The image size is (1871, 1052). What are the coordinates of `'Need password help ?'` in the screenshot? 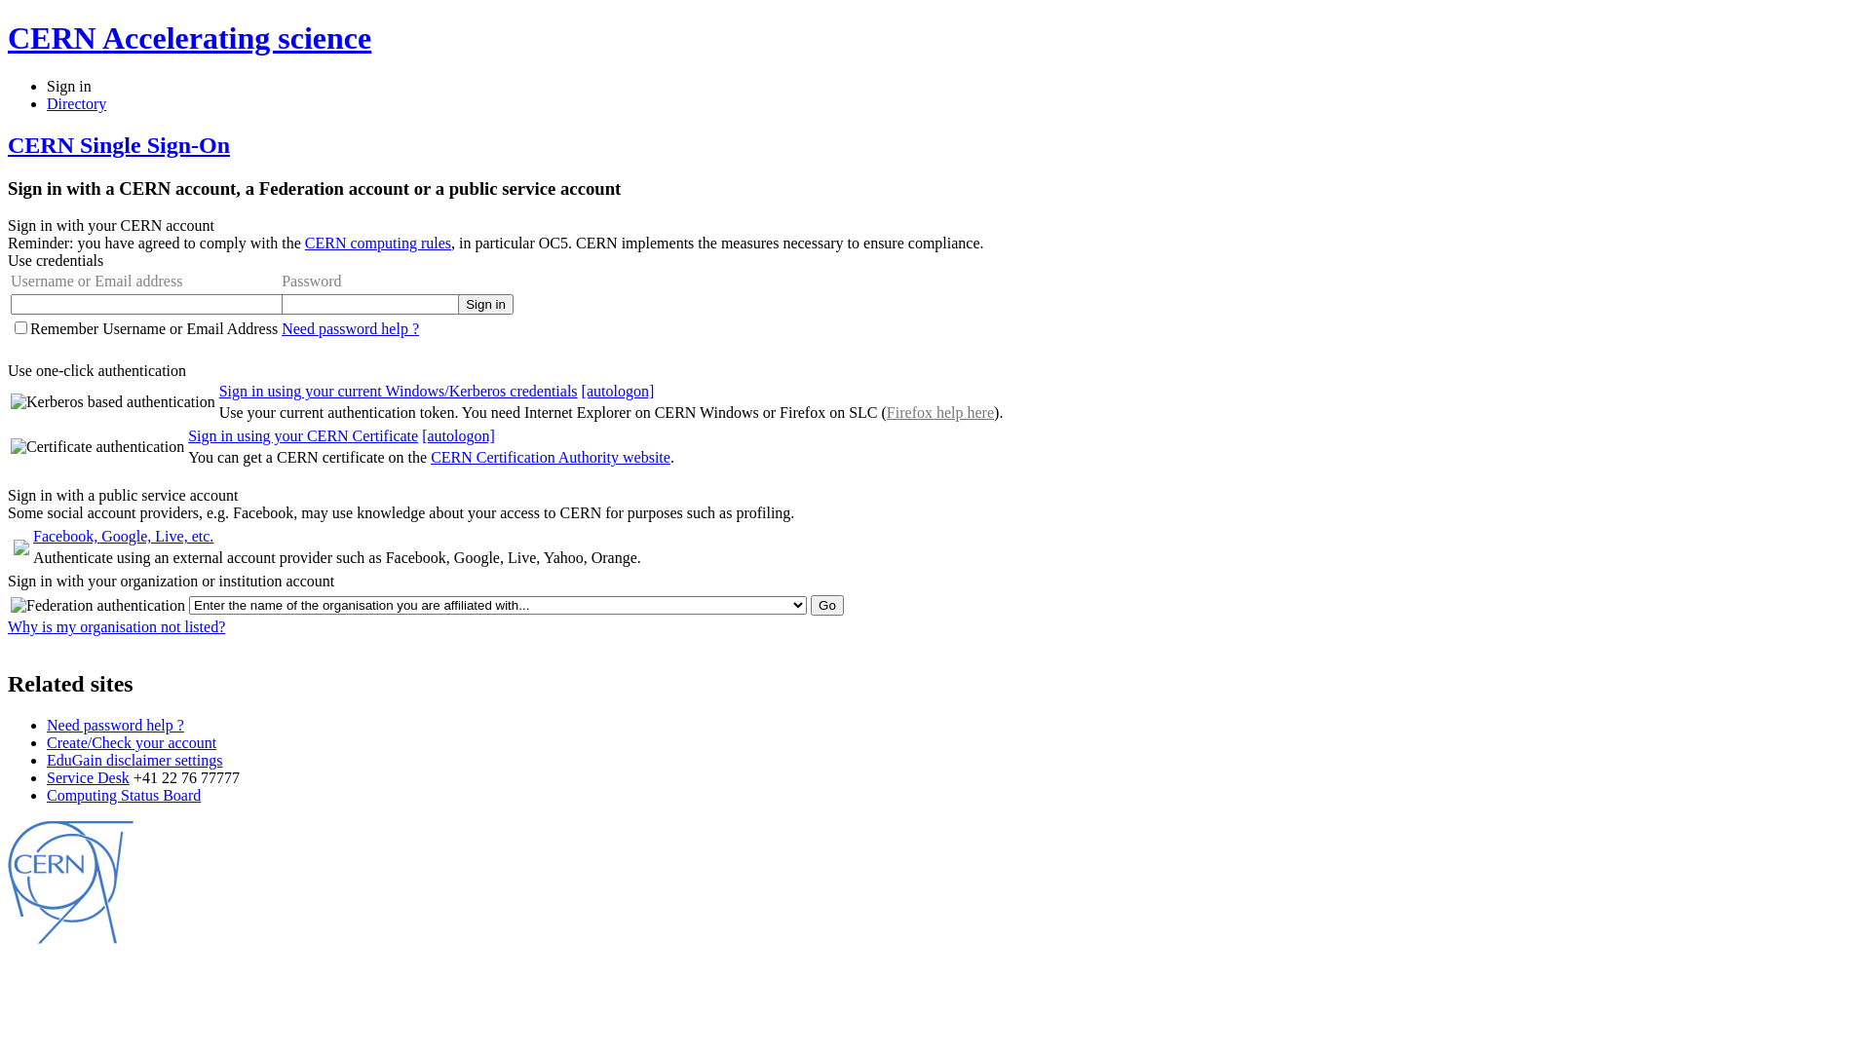 It's located at (350, 327).